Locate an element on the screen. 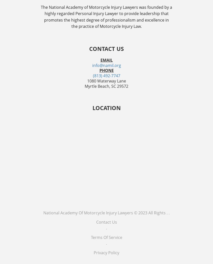 The image size is (213, 264). 'National Academy of Motorcycle Injury Lawyers' is located at coordinates (43, 212).